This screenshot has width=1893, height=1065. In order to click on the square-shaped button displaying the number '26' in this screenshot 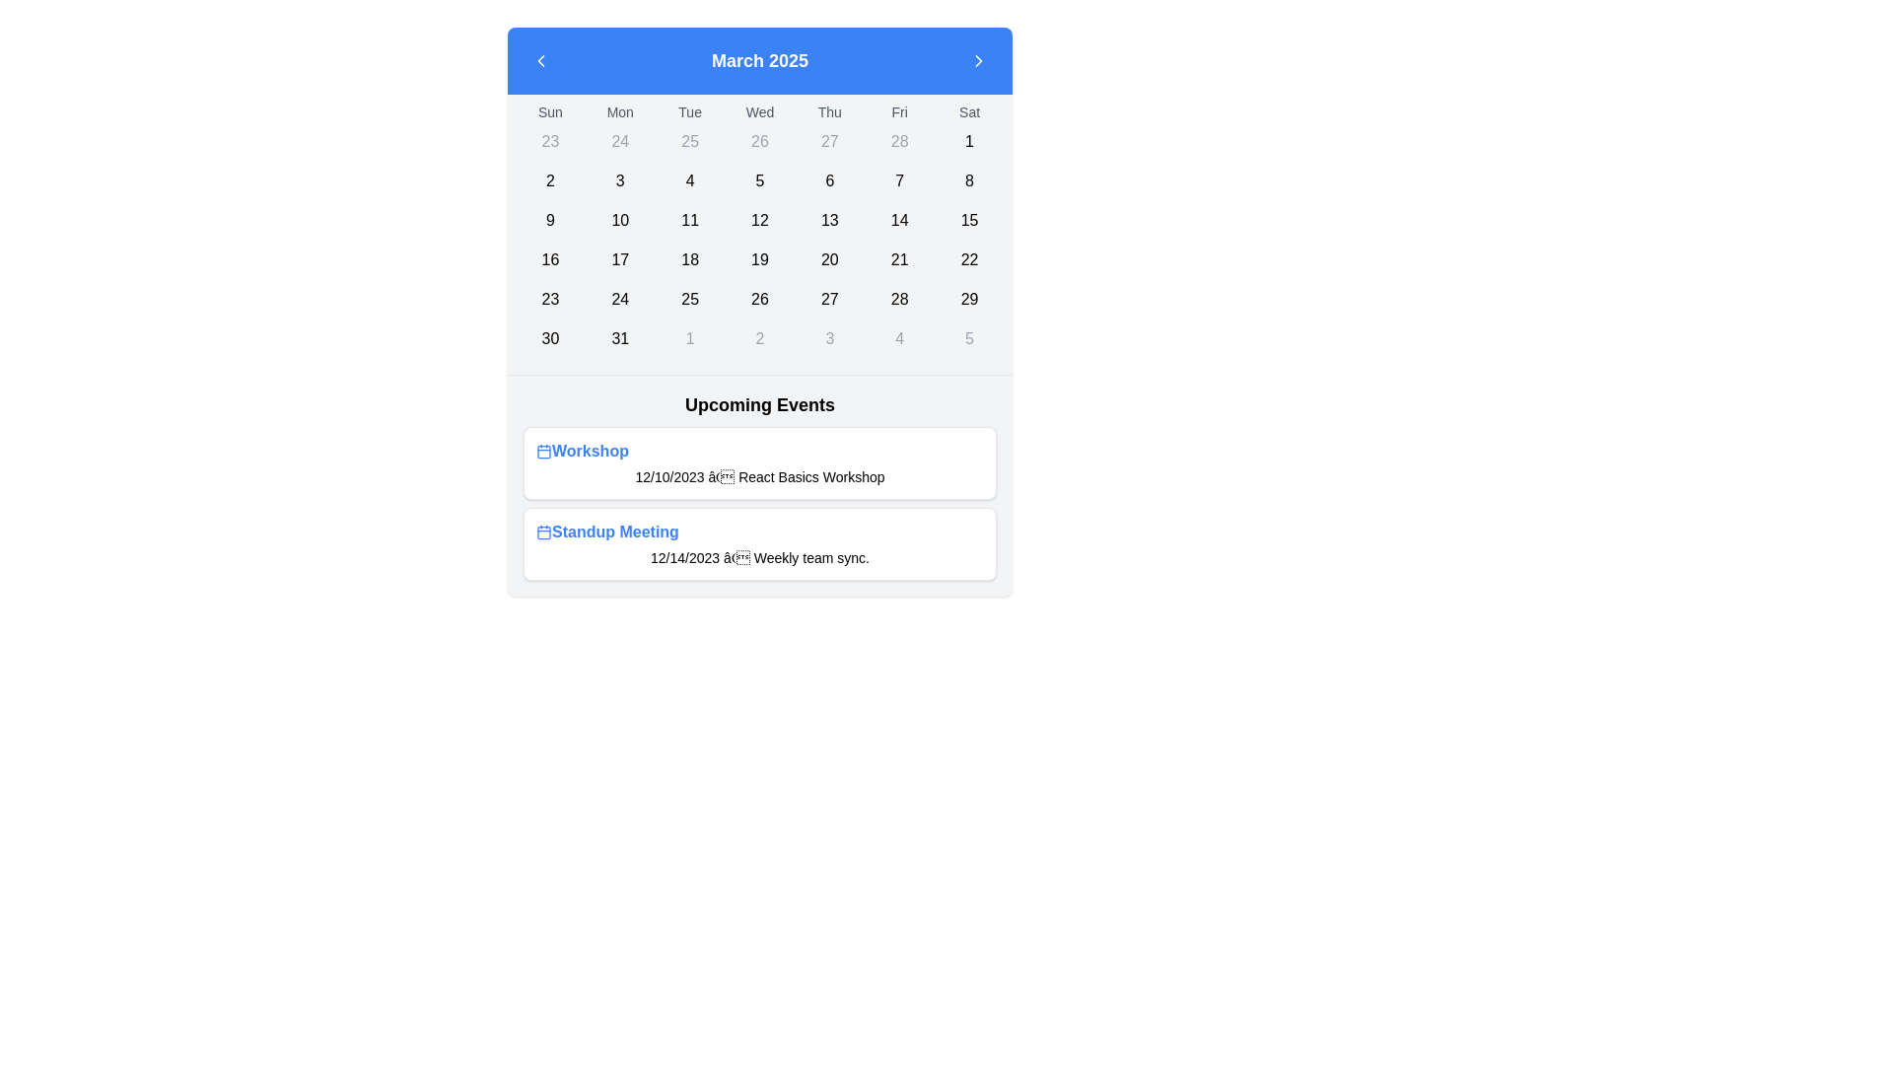, I will do `click(759, 300)`.